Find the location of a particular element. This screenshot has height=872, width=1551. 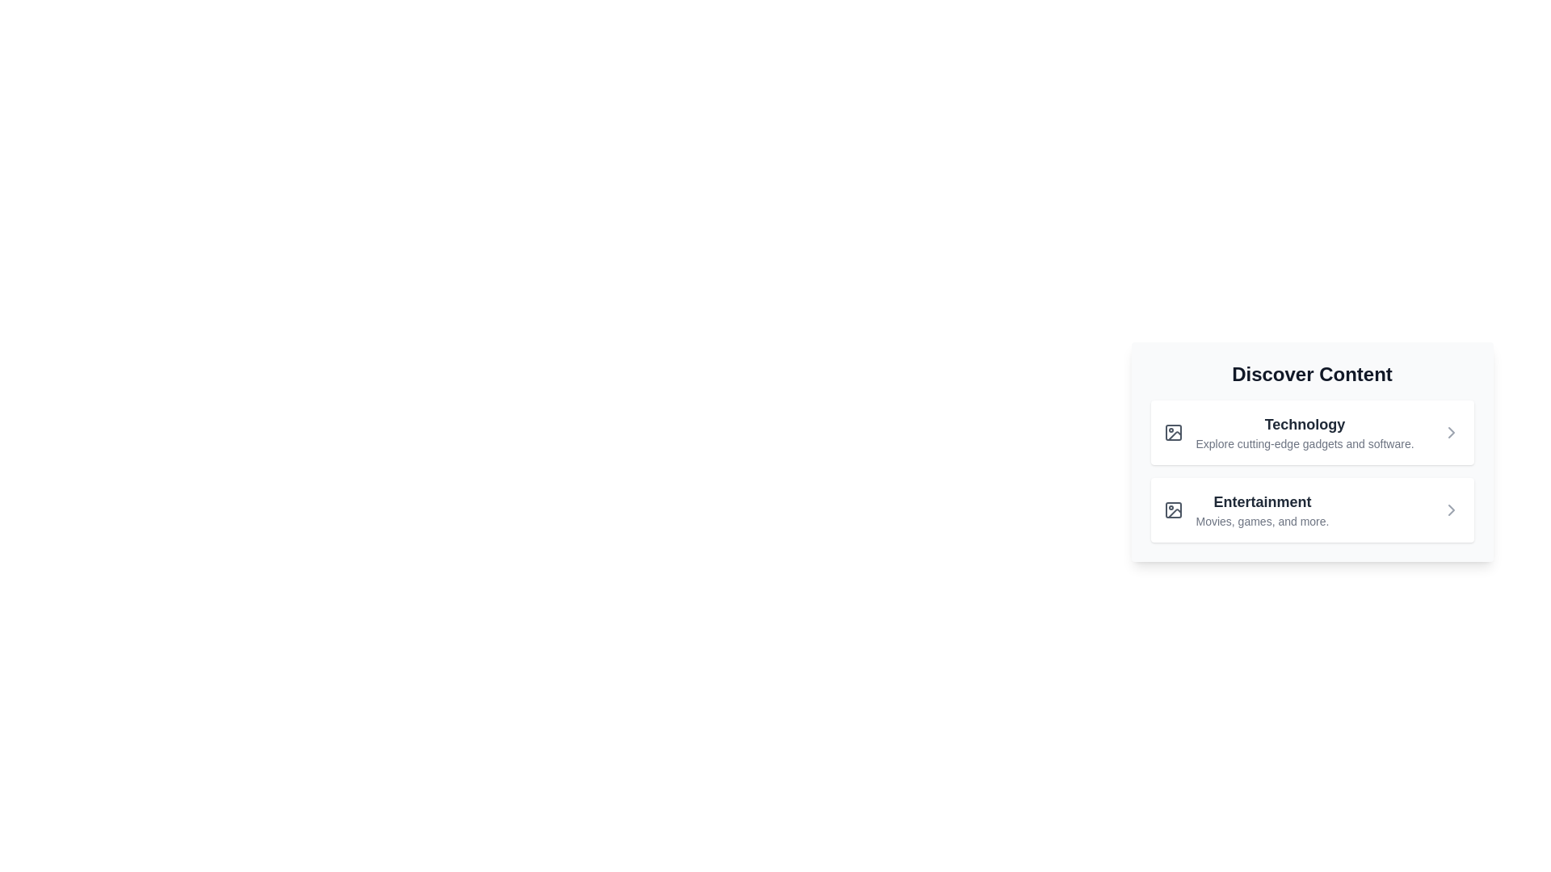

the Chevron icon in the 'Entertainment' section is located at coordinates (1451, 510).